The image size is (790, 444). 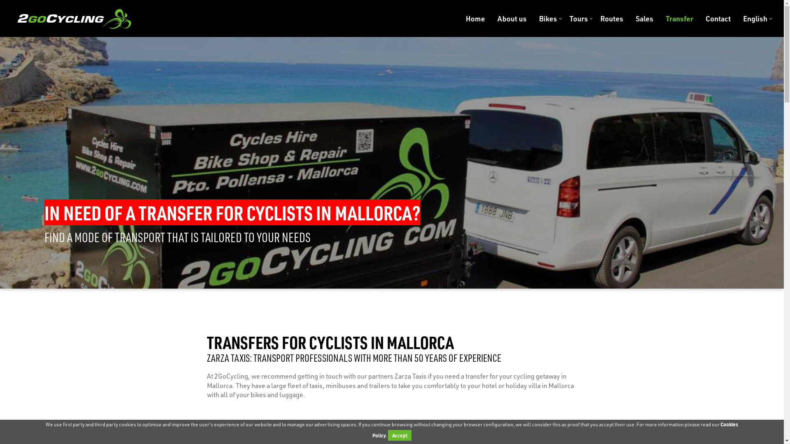 What do you see at coordinates (475, 18) in the screenshot?
I see `'Home'` at bounding box center [475, 18].